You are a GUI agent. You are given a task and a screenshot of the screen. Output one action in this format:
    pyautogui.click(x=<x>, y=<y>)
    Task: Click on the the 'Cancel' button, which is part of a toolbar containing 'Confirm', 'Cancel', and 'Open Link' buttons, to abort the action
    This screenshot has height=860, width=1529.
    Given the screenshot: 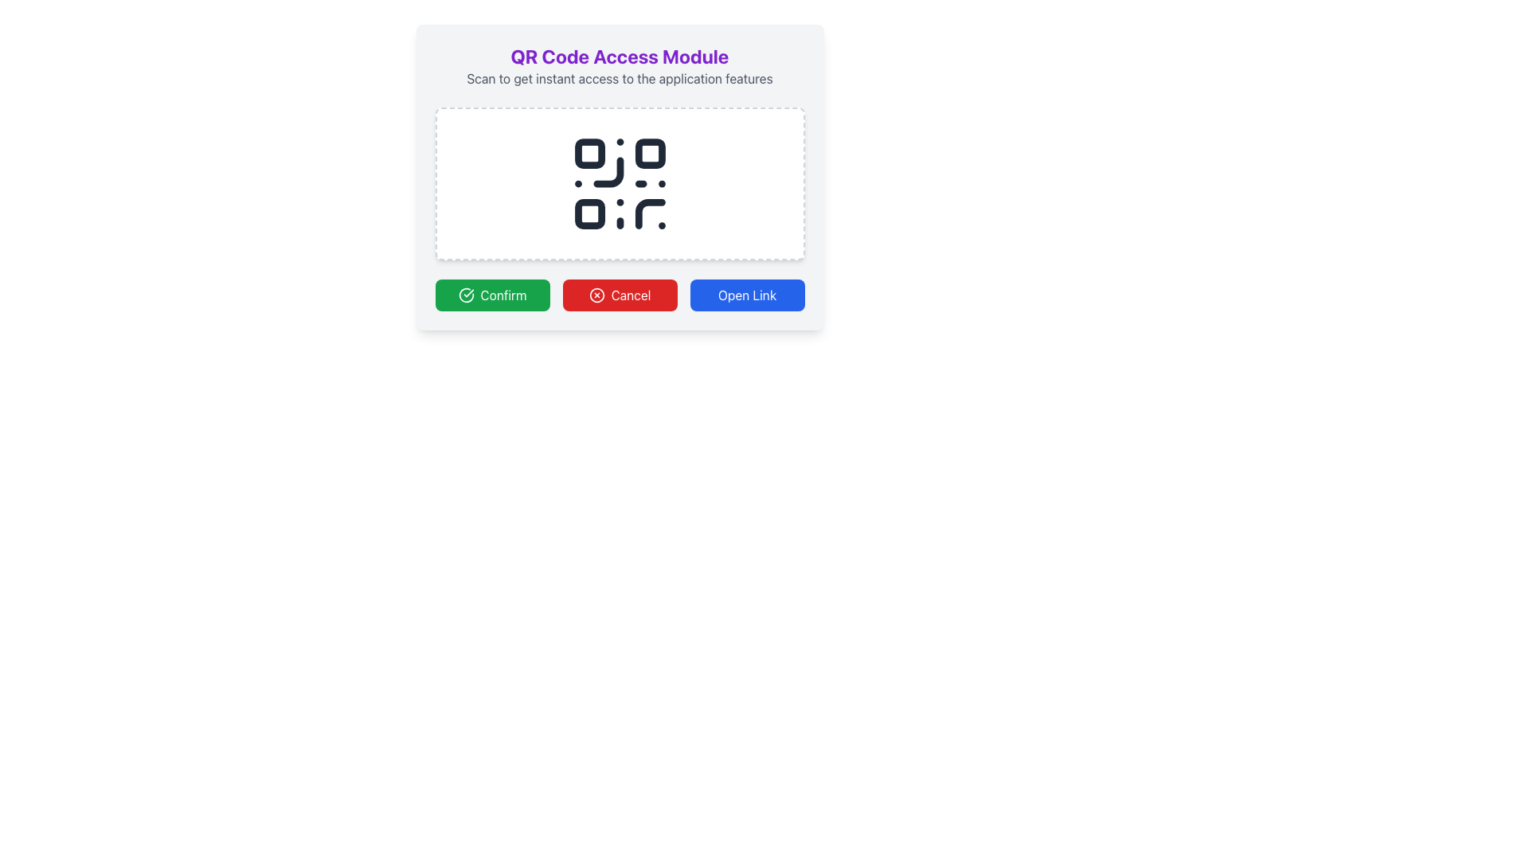 What is the action you would take?
    pyautogui.click(x=619, y=295)
    